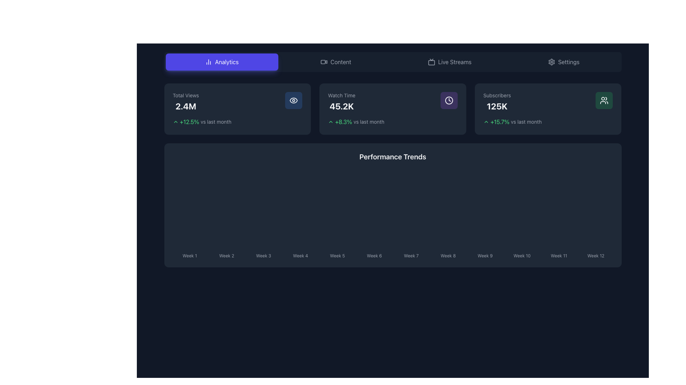 This screenshot has width=686, height=385. Describe the element at coordinates (522, 254) in the screenshot. I see `the static text label indicating data for the tenth week in the performance trend chart, located in the 10th position of a horizontal row of 12 elements` at that location.